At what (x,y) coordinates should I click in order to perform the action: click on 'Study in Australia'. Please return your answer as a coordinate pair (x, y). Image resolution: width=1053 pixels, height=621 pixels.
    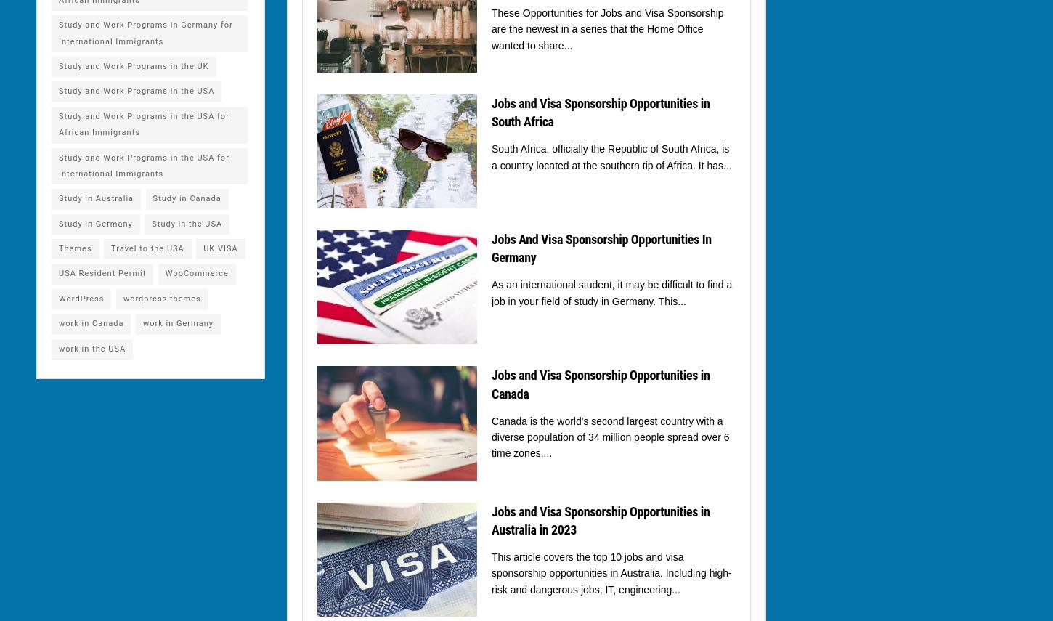
    Looking at the image, I should click on (95, 198).